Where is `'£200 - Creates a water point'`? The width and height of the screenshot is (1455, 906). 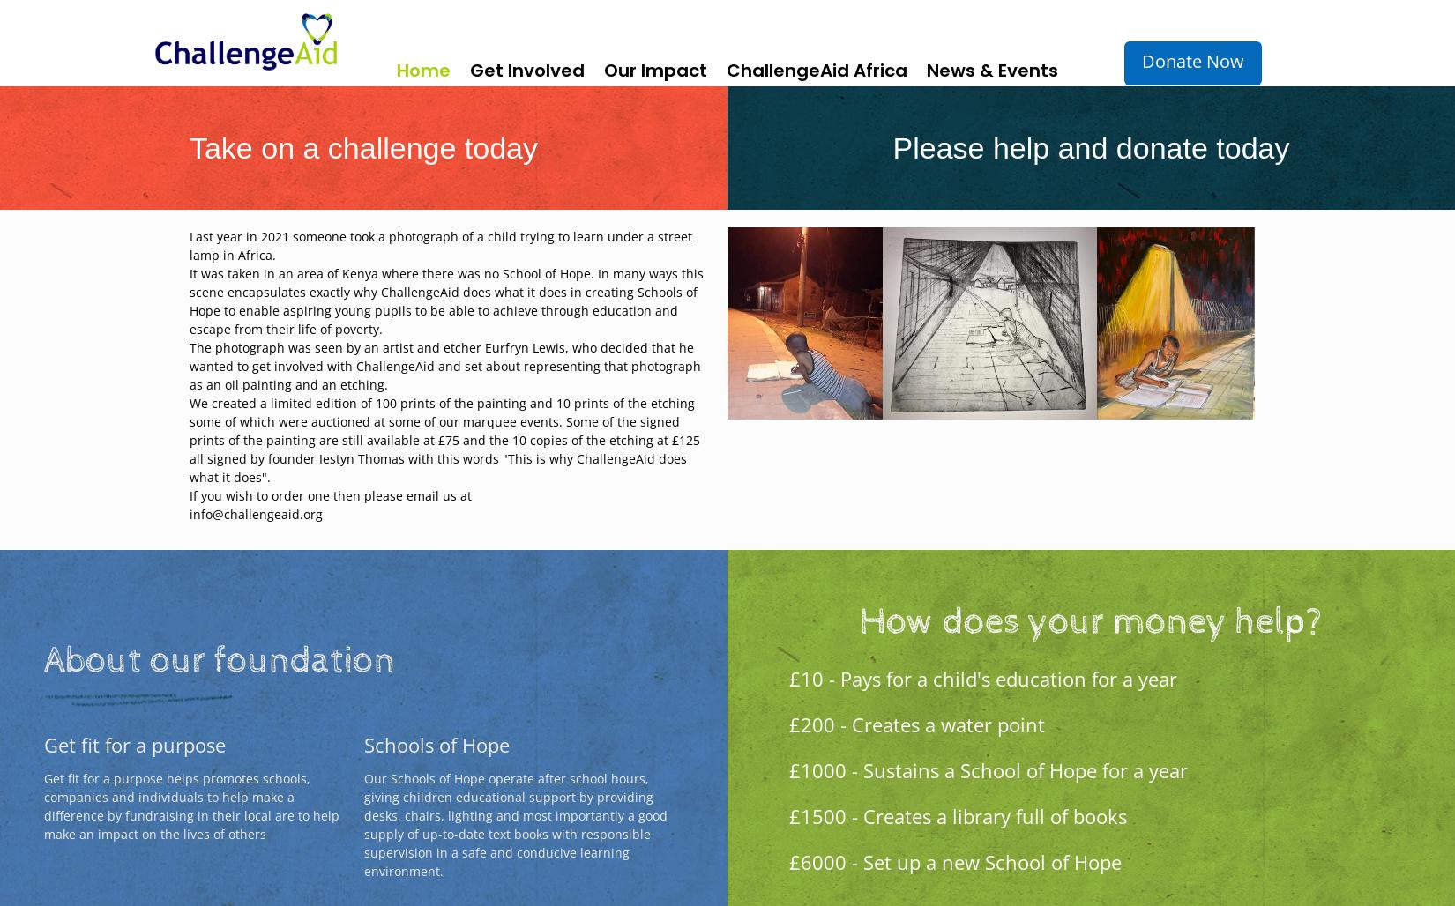 '£200 - Creates a water point' is located at coordinates (916, 723).